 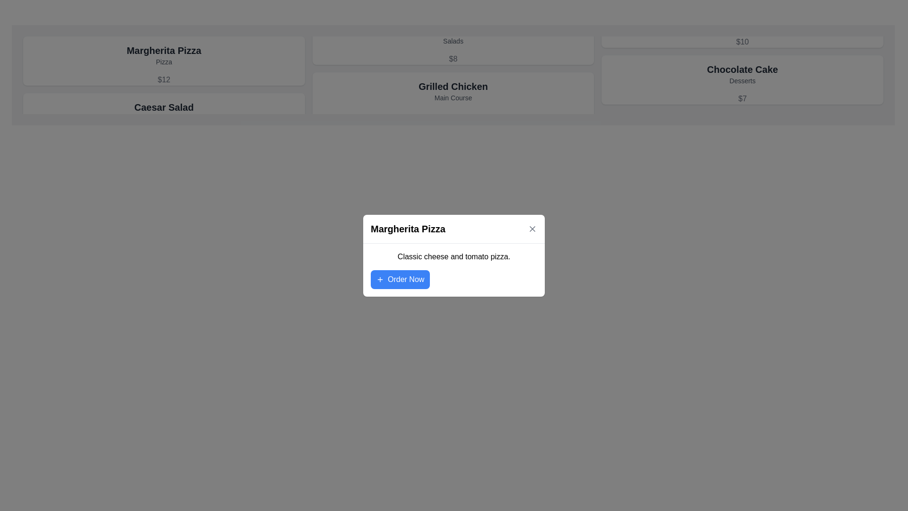 What do you see at coordinates (453, 98) in the screenshot?
I see `the text label displaying 'Main Course' in a smaller, gray font located directly below the title 'Grilled Chicken'` at bounding box center [453, 98].